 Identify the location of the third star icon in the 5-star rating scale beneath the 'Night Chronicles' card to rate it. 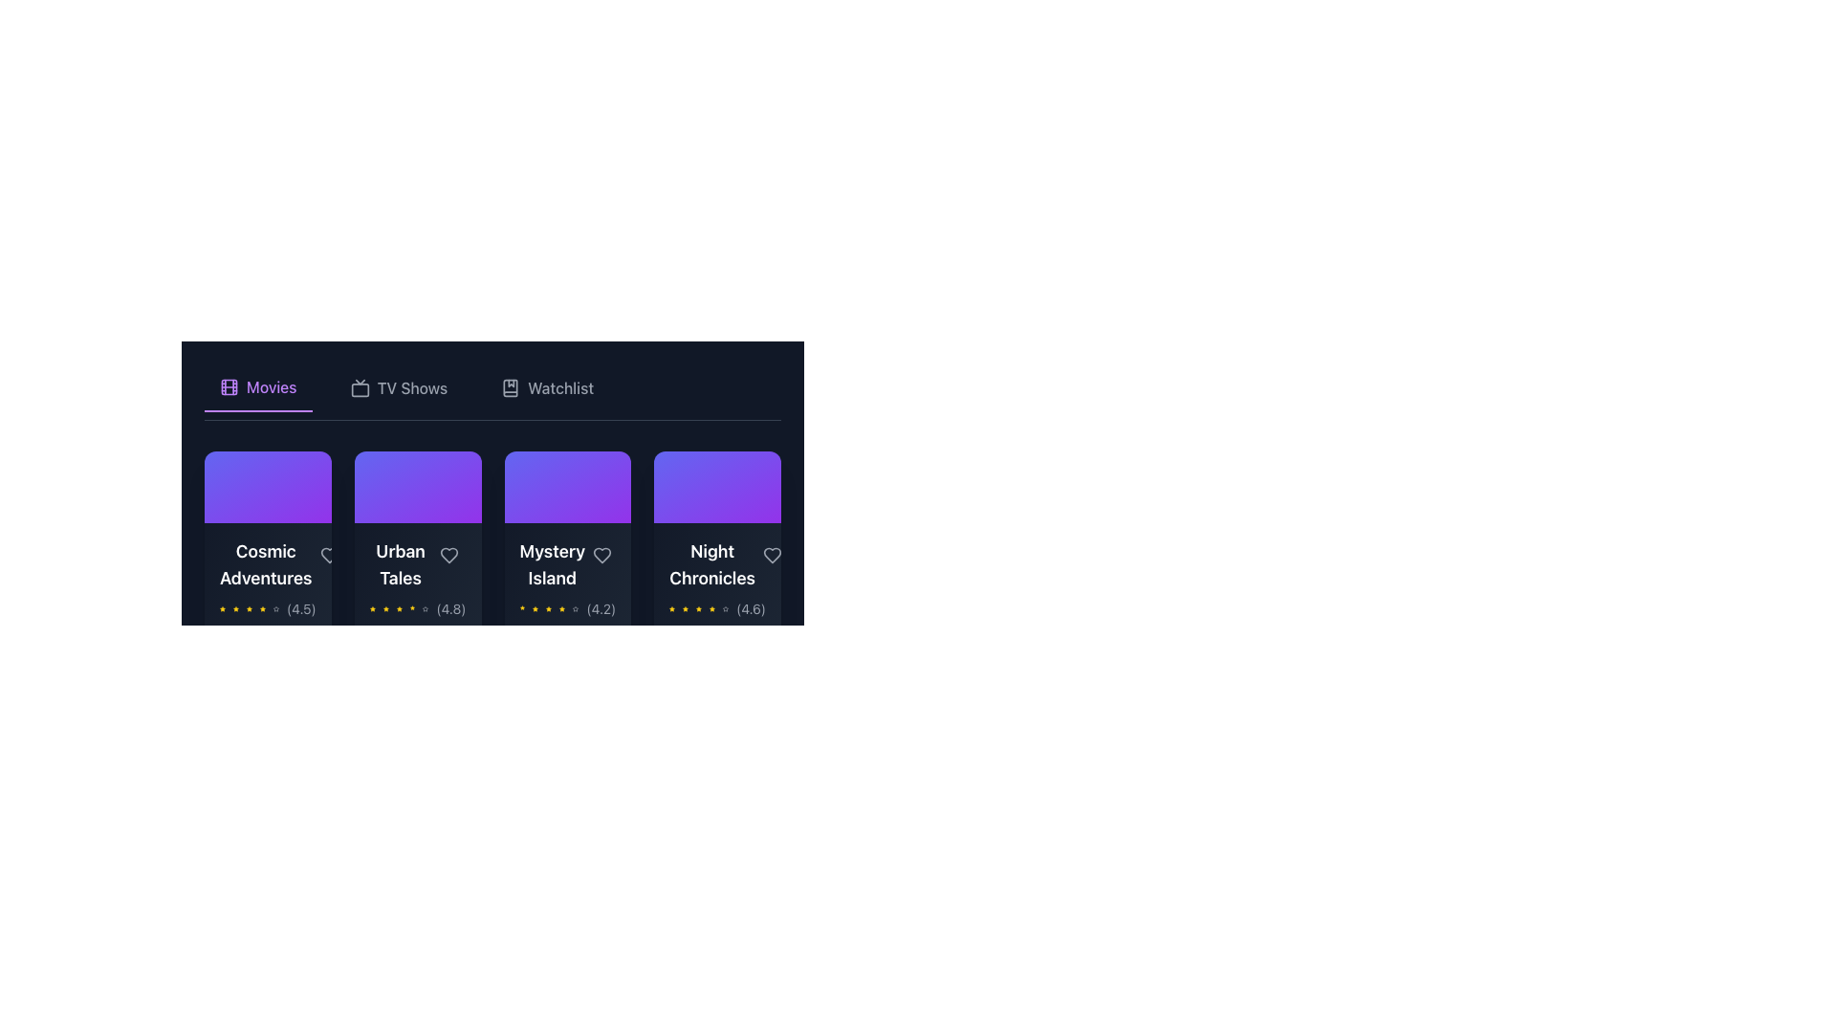
(686, 608).